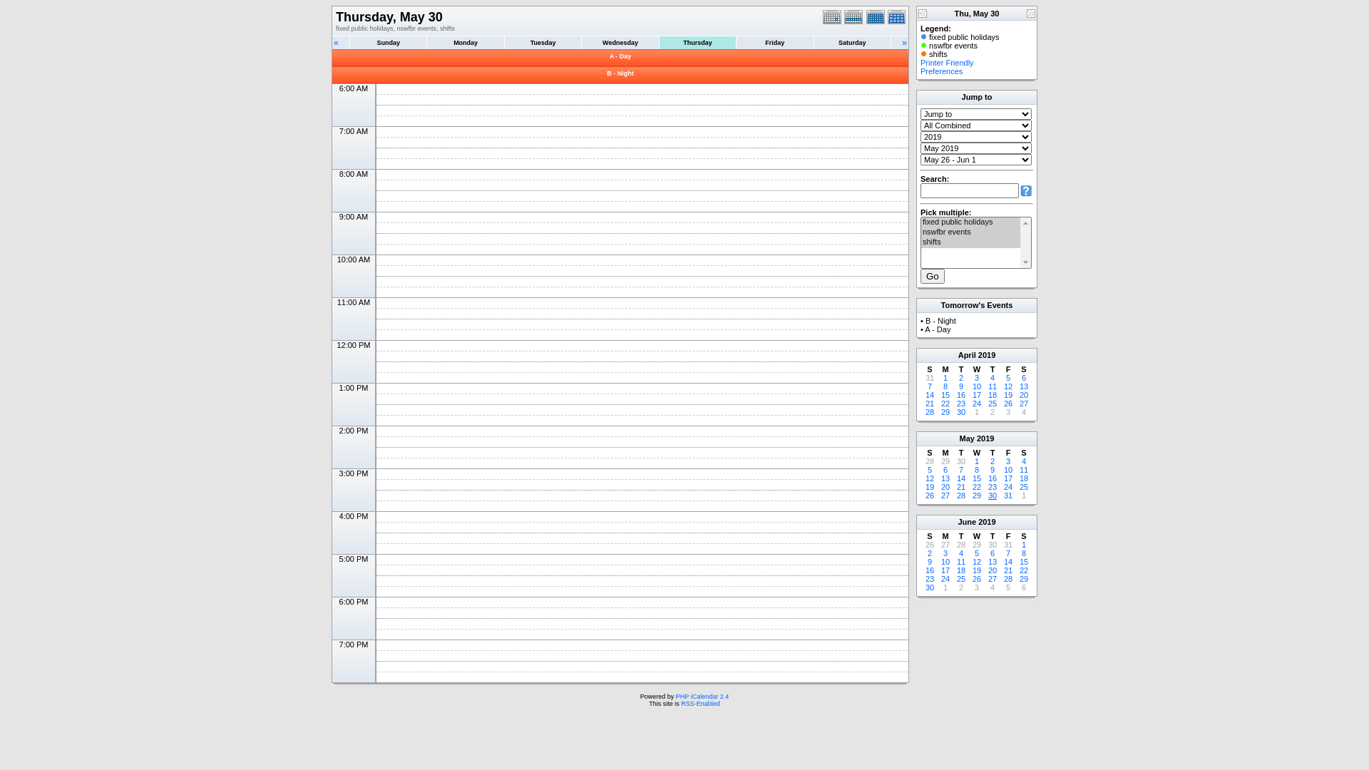 Image resolution: width=1369 pixels, height=770 pixels. Describe the element at coordinates (957, 478) in the screenshot. I see `'14'` at that location.